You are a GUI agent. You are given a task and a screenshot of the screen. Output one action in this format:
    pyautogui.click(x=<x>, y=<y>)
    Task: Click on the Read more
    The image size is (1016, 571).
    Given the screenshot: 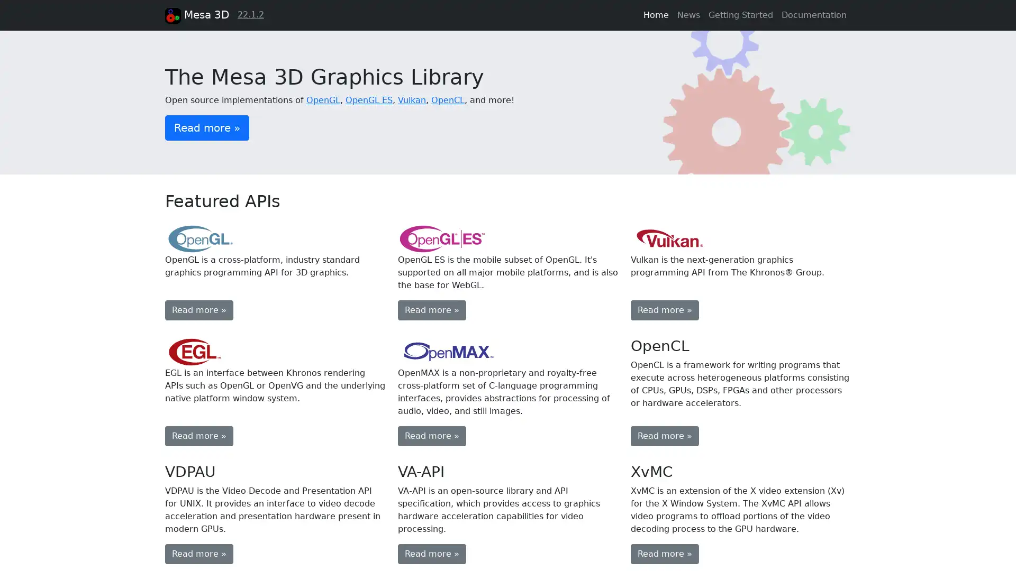 What is the action you would take?
    pyautogui.click(x=207, y=126)
    